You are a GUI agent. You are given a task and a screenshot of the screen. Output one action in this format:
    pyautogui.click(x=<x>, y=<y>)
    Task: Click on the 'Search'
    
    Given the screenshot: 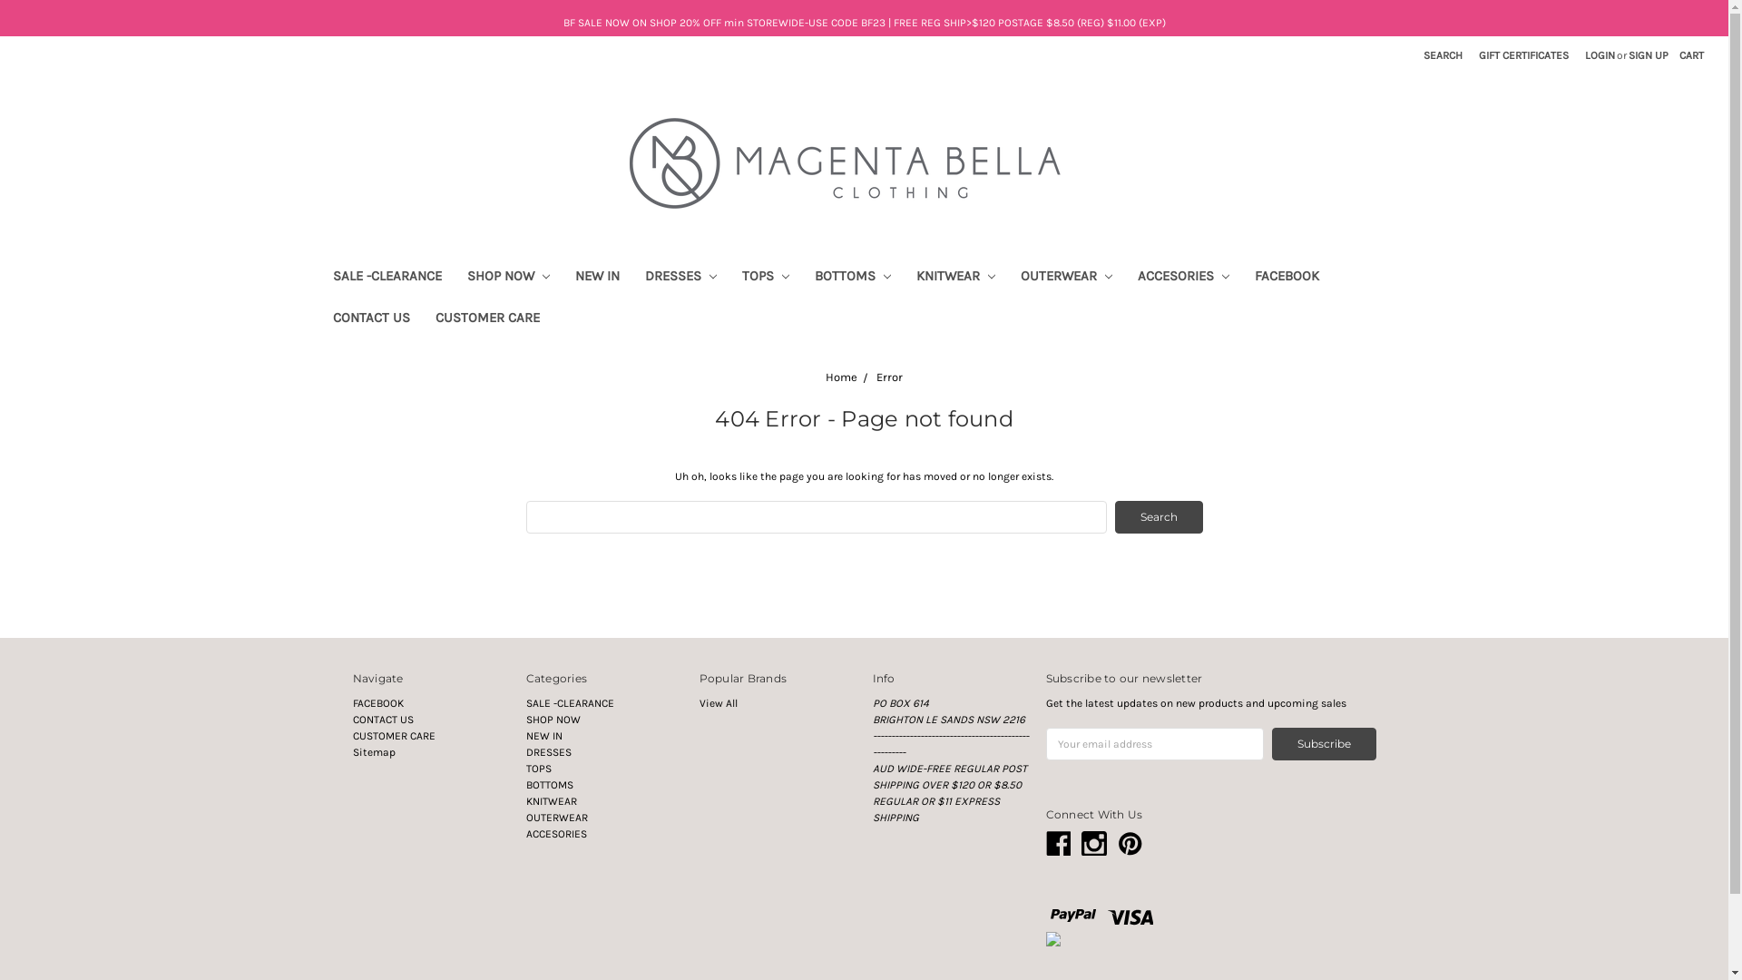 What is the action you would take?
    pyautogui.click(x=1157, y=517)
    